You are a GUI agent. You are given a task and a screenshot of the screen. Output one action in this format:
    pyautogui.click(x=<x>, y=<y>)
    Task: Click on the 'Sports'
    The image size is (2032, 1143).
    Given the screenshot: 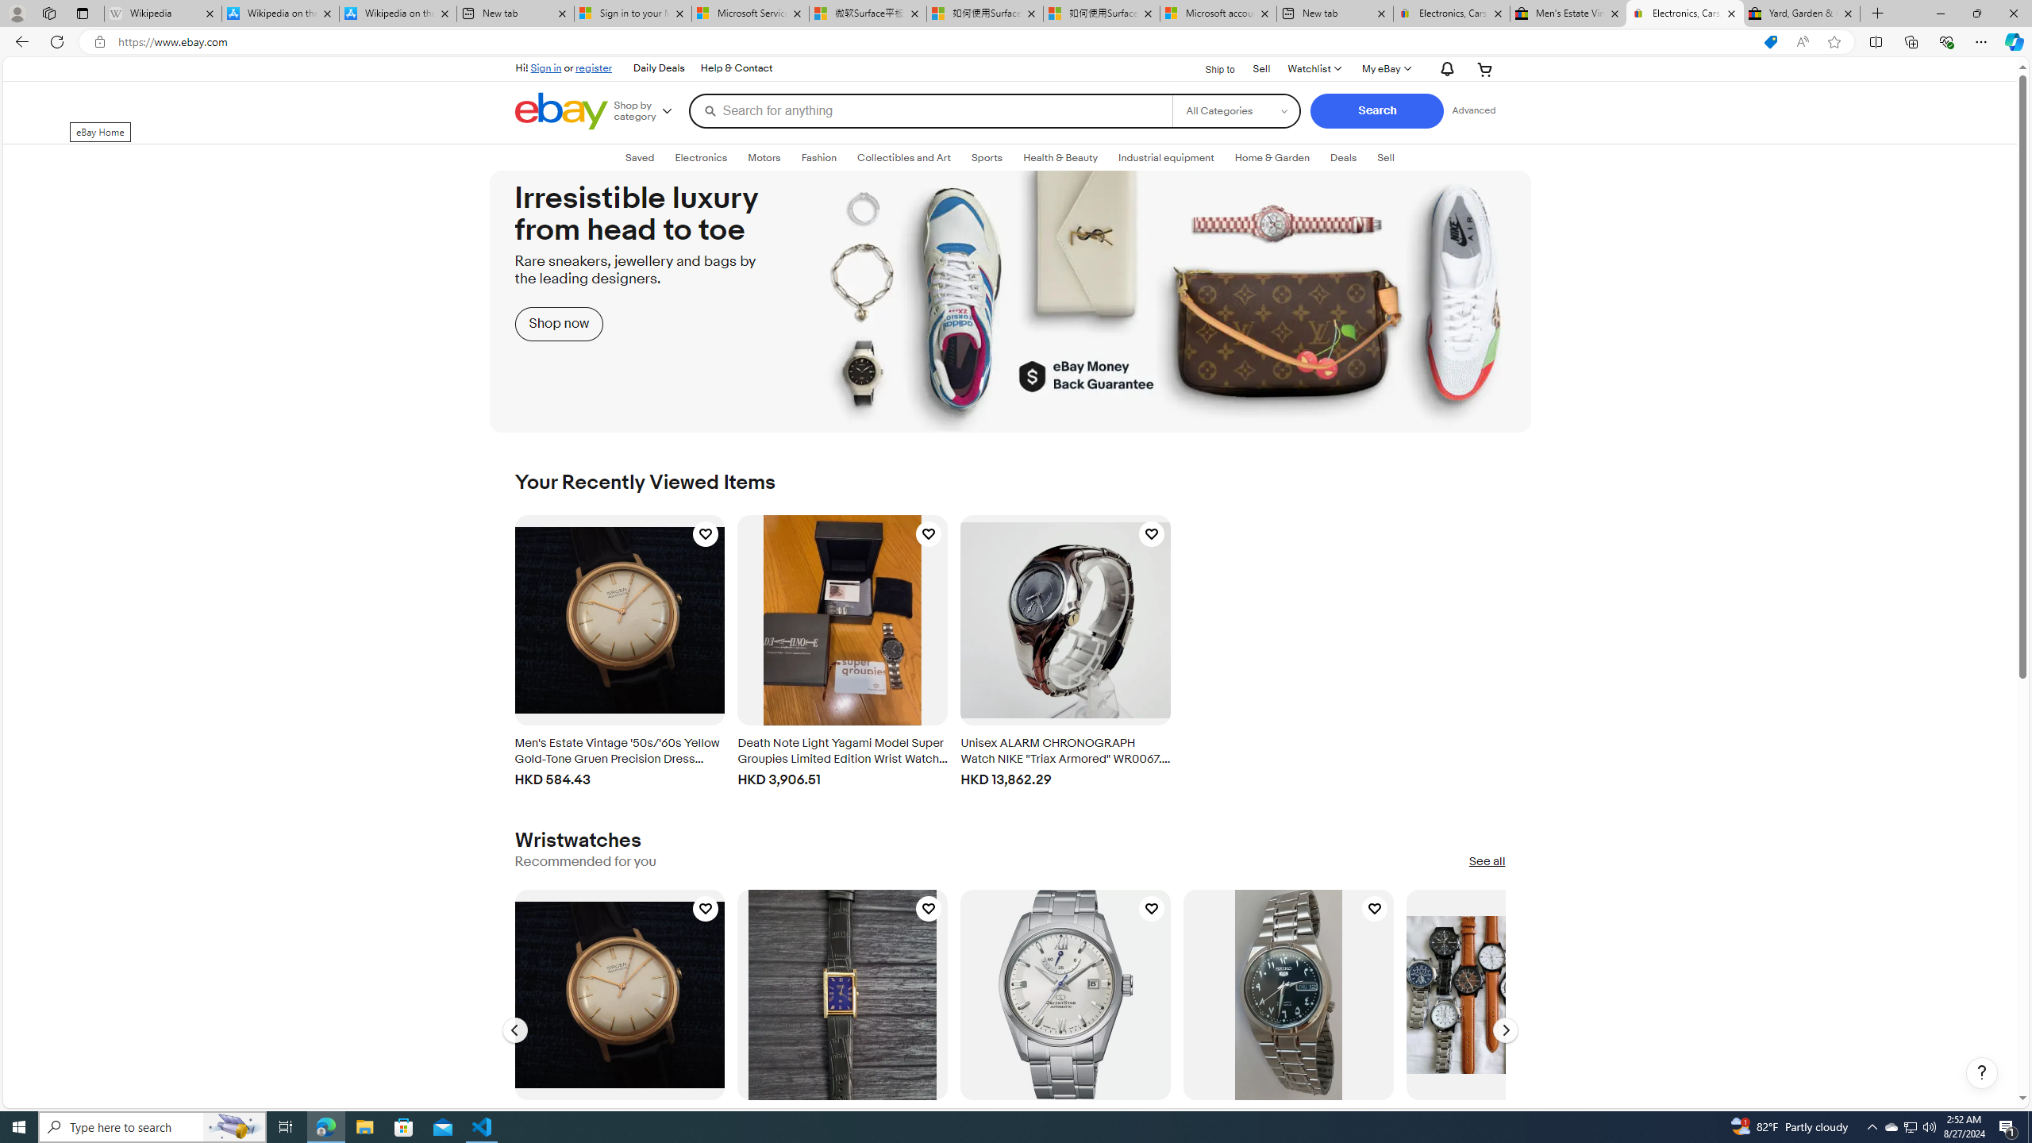 What is the action you would take?
    pyautogui.click(x=987, y=158)
    